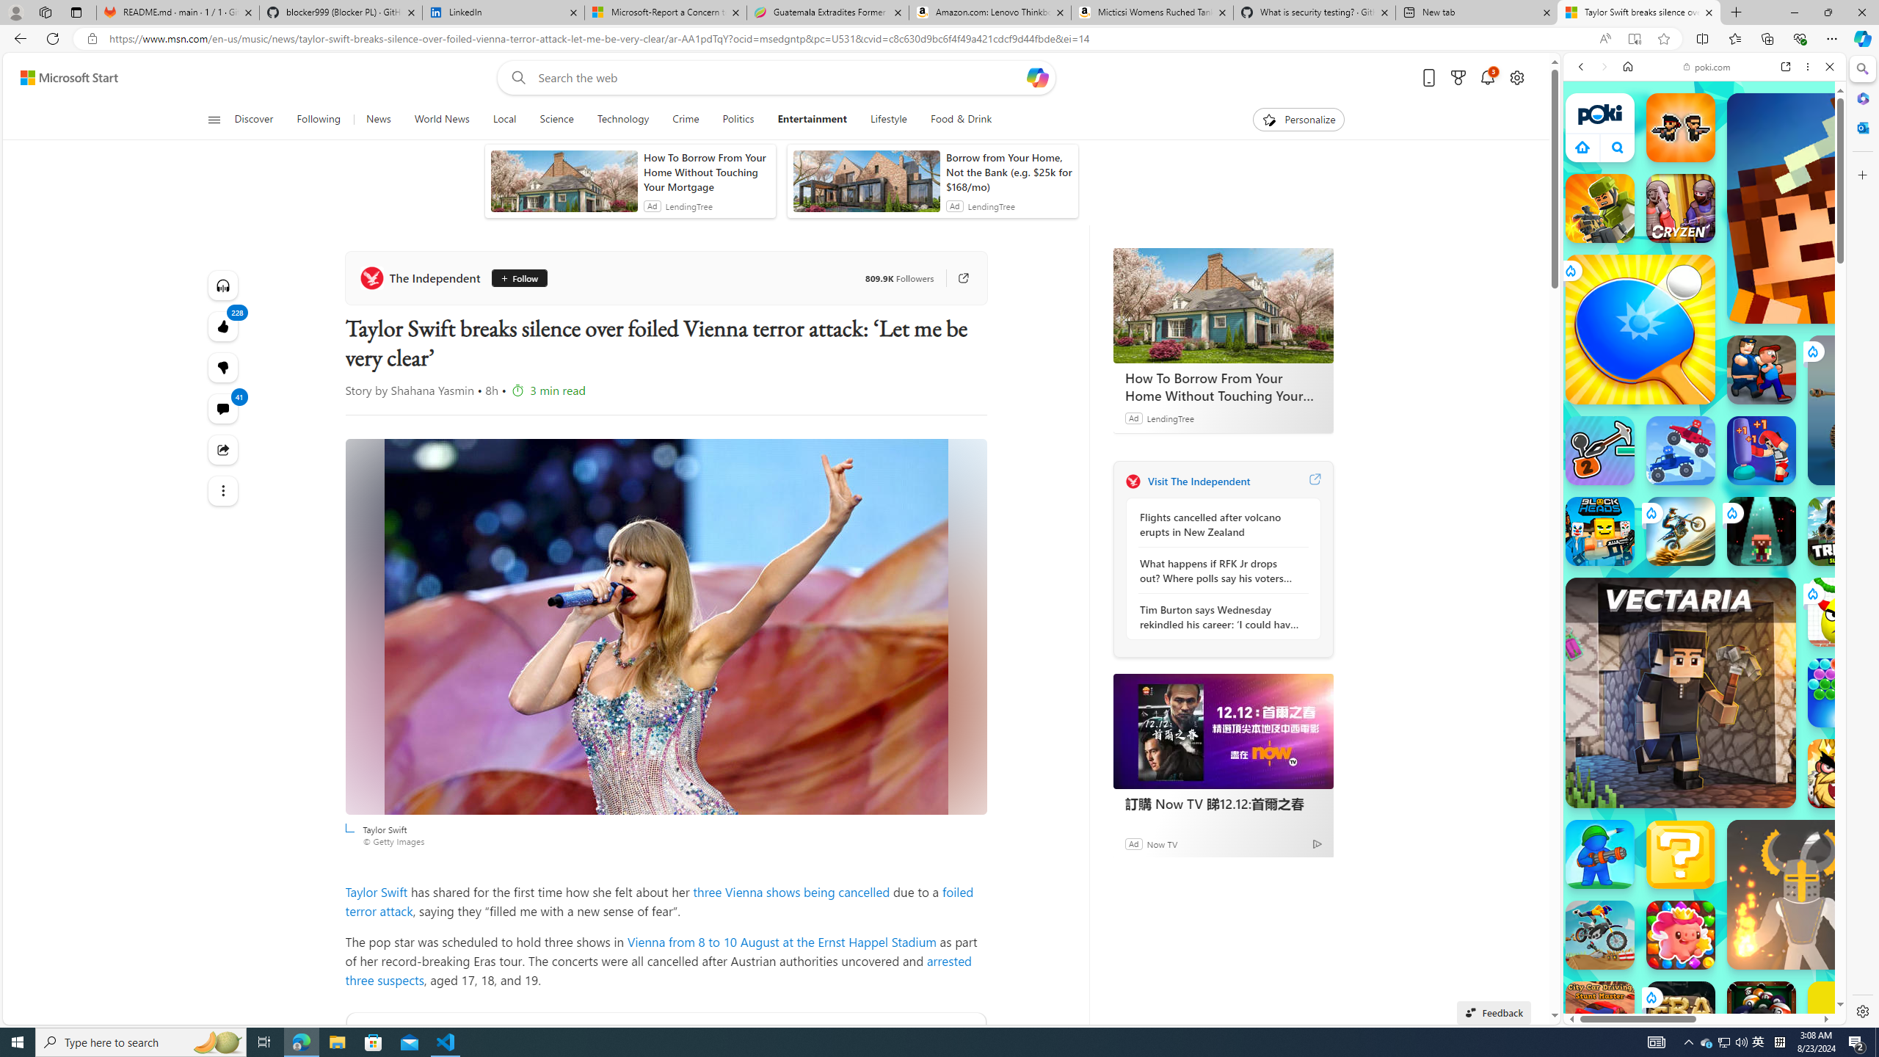 The width and height of the screenshot is (1879, 1057). Describe the element at coordinates (1679, 208) in the screenshot. I see `'Cryzen.io Cryzen.io'` at that location.